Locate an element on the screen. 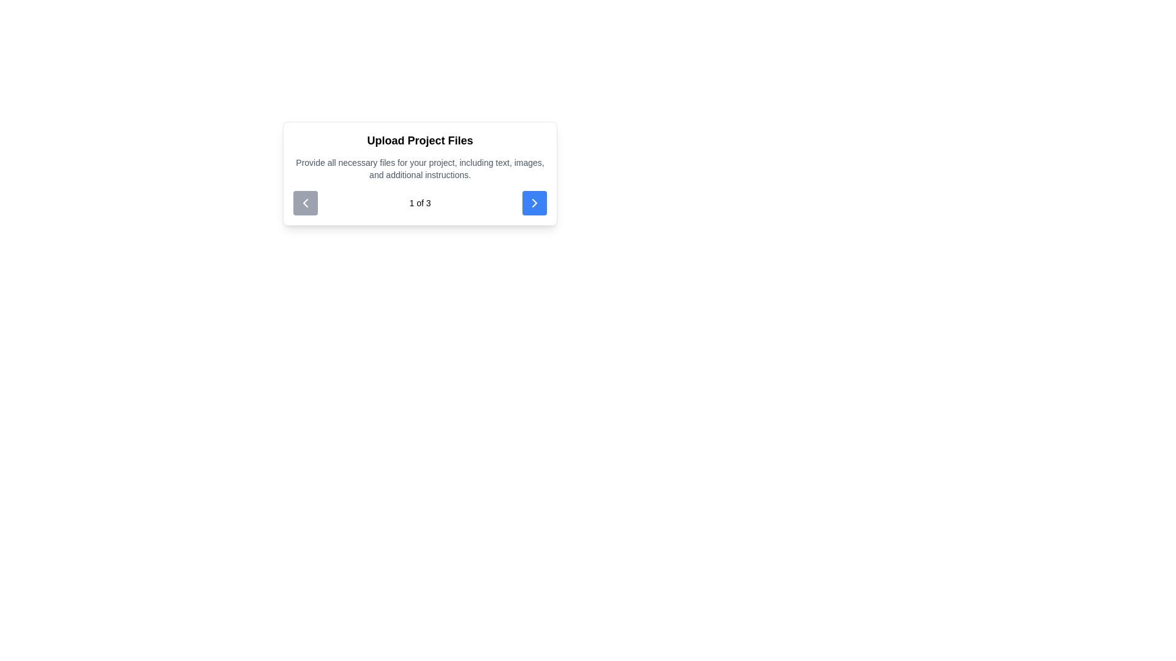  the leftward facing chevron button with a blue background located on the left-hand side of the pagination control is located at coordinates (306, 202).